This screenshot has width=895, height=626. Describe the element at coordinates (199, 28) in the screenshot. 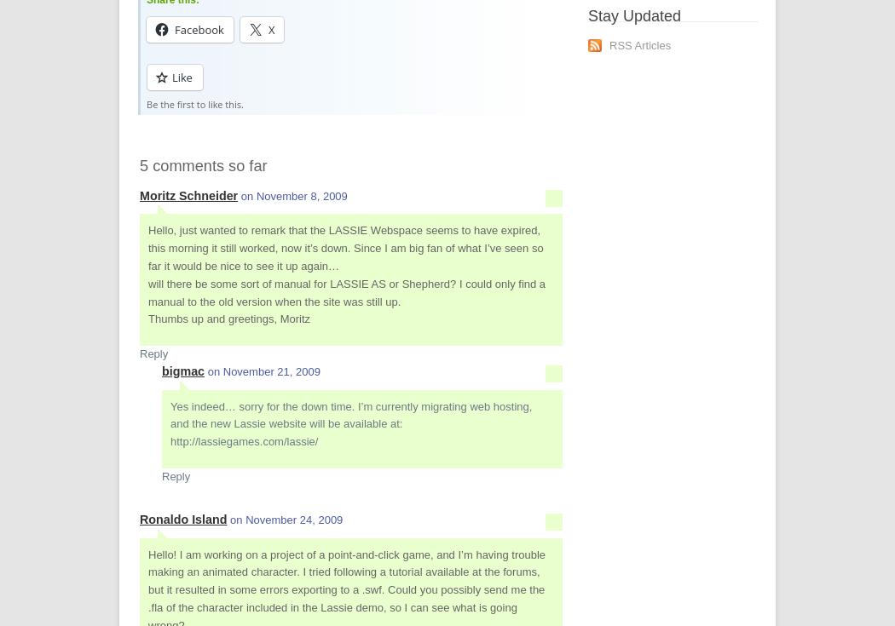

I see `'Facebook'` at that location.